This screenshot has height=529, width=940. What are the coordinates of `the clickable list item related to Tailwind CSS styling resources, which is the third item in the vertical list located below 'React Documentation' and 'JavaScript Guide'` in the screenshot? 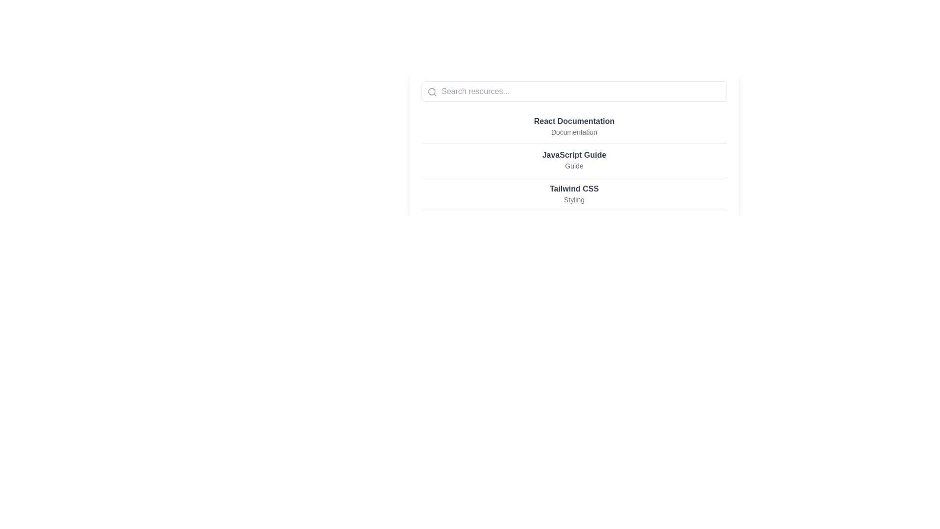 It's located at (574, 194).